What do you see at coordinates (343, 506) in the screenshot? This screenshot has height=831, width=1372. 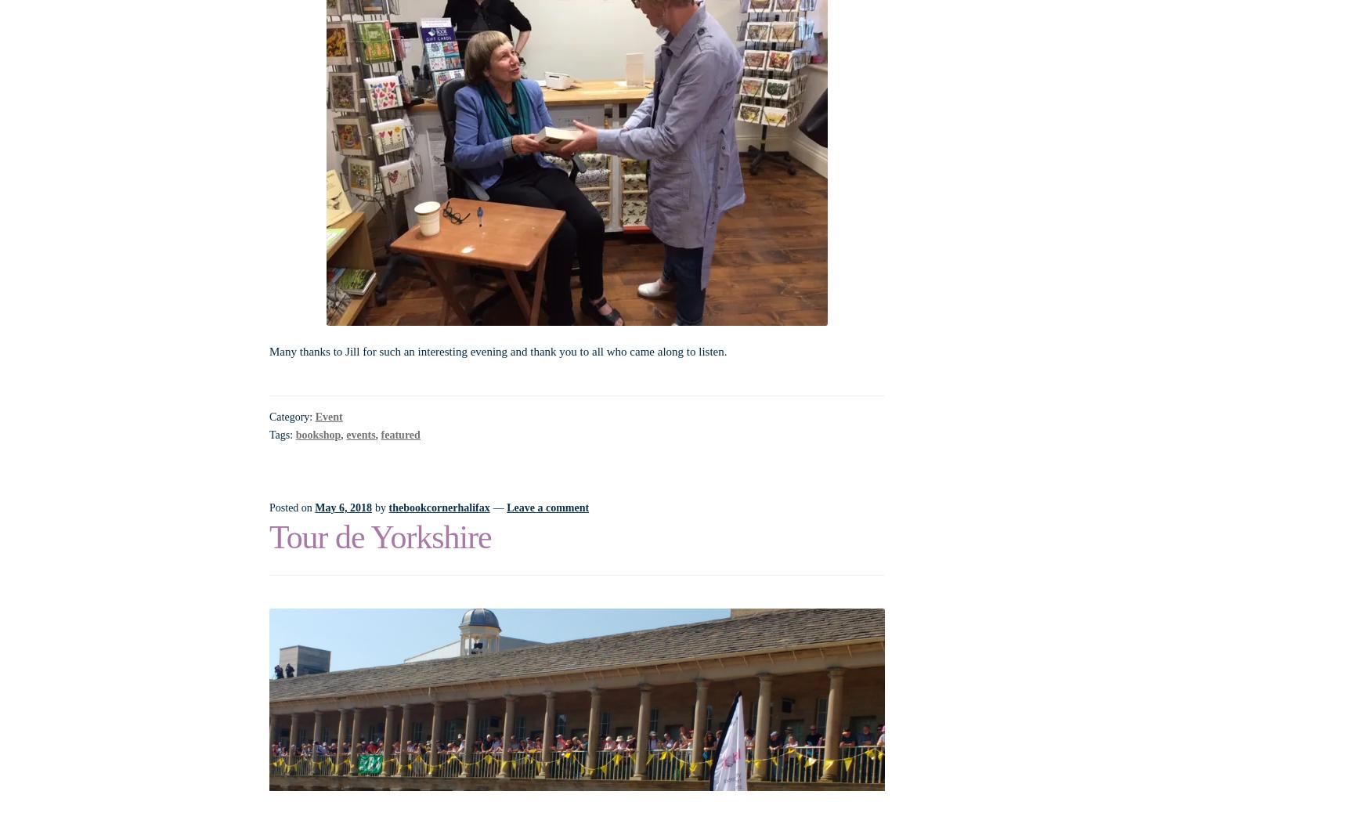 I see `'May 6, 2018'` at bounding box center [343, 506].